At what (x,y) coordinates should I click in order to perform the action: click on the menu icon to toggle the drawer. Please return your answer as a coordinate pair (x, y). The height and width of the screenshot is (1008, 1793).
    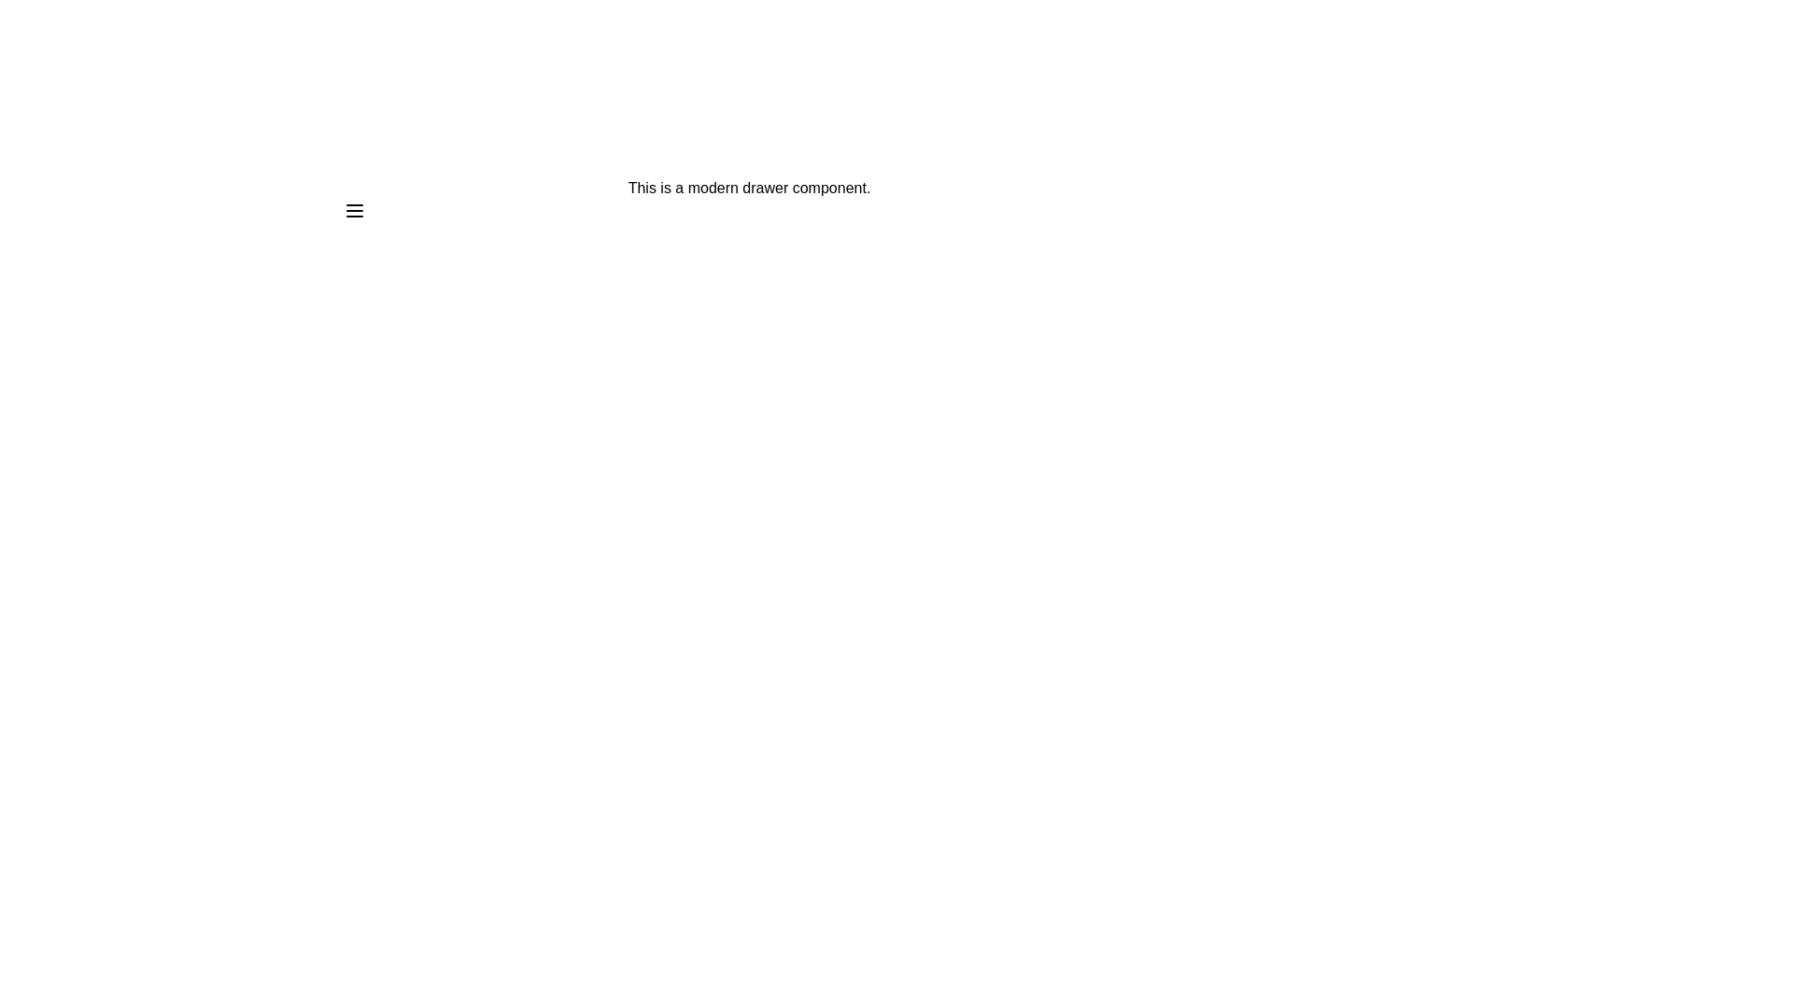
    Looking at the image, I should click on (354, 210).